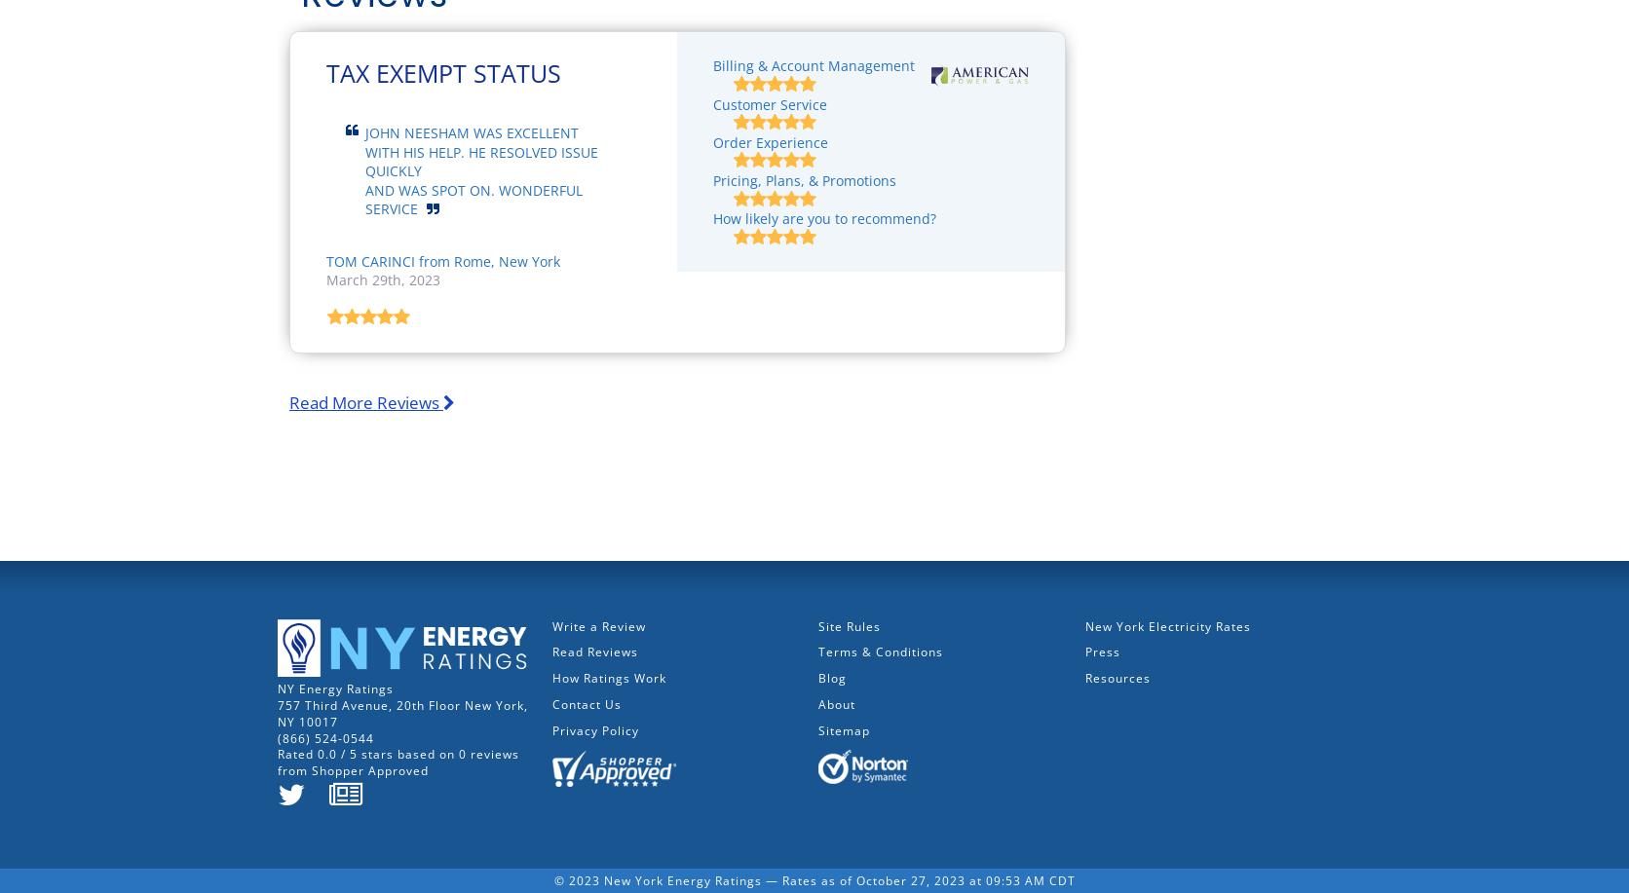  Describe the element at coordinates (352, 753) in the screenshot. I see `'5'` at that location.